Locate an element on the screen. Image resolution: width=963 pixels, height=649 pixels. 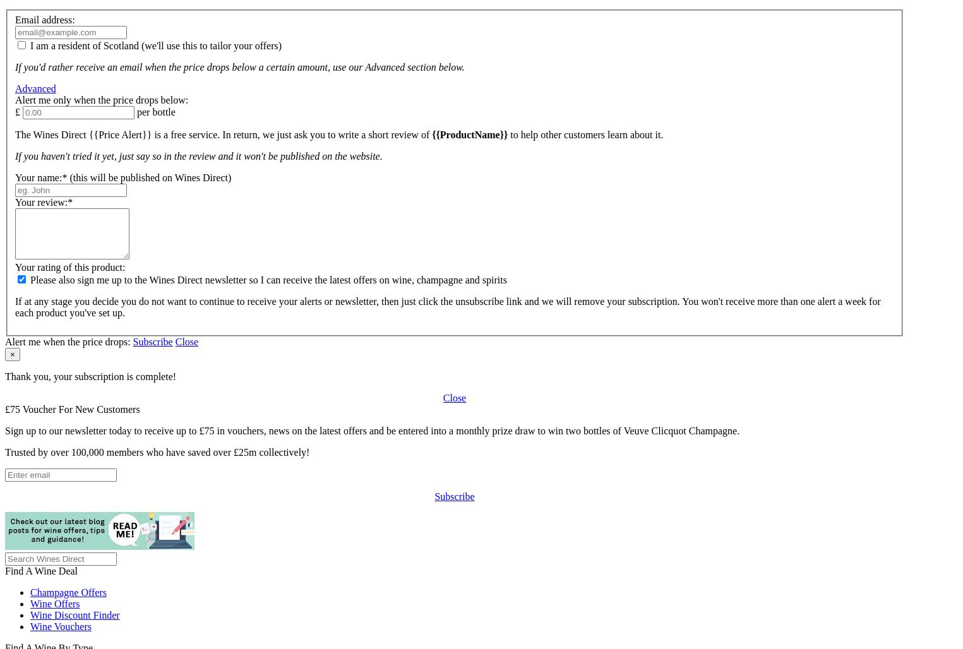
'to help other customers learn about it.' is located at coordinates (585, 133).